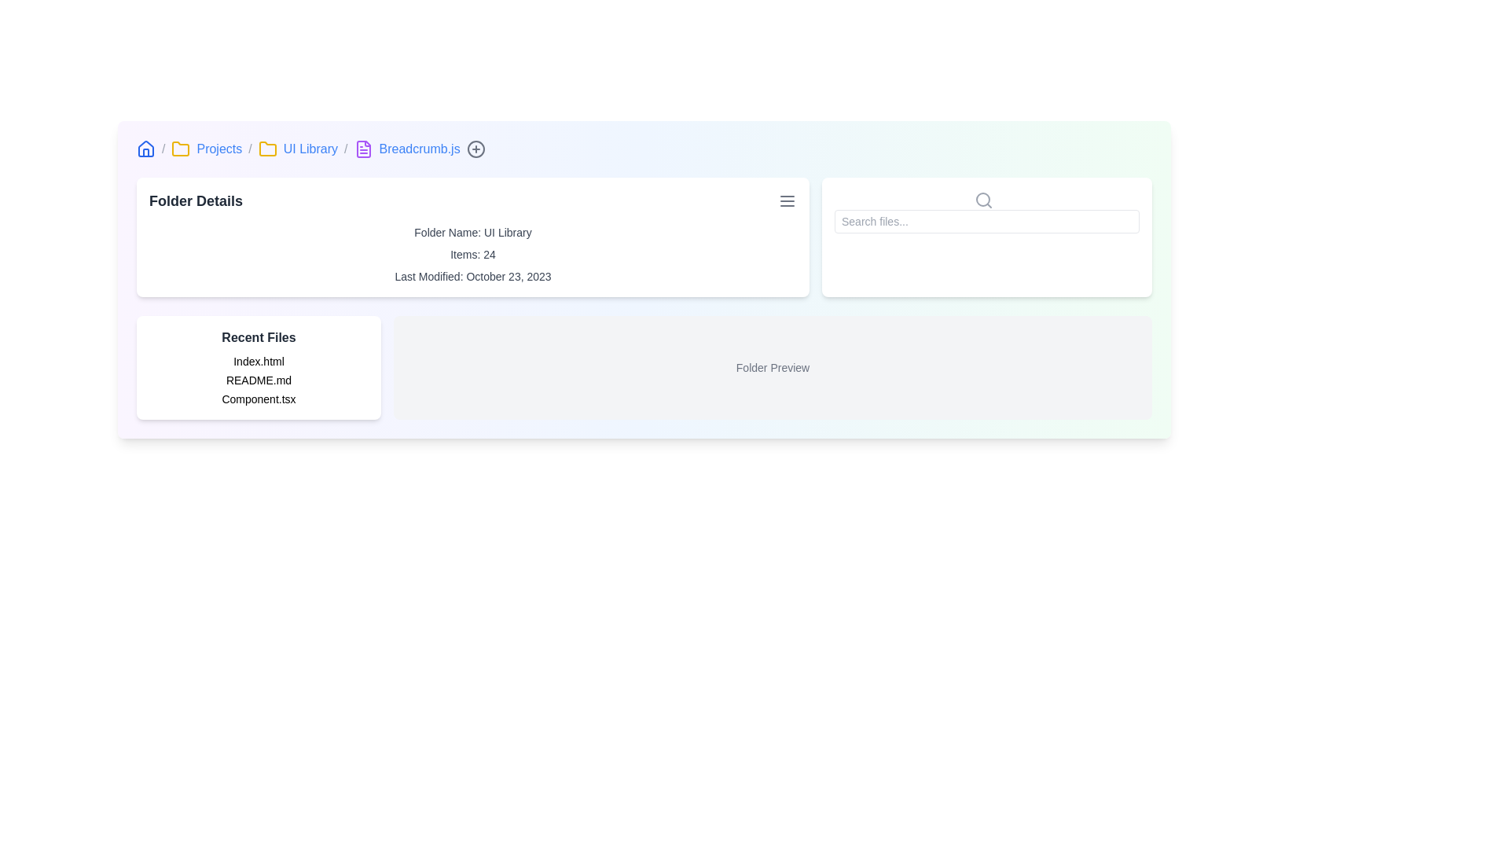 This screenshot has height=849, width=1509. Describe the element at coordinates (345, 149) in the screenshot. I see `the forward slash (/) text separator in the breadcrumb navigation, which visually separates the 'UI Library' and 'Breadcrumb.js' links` at that location.